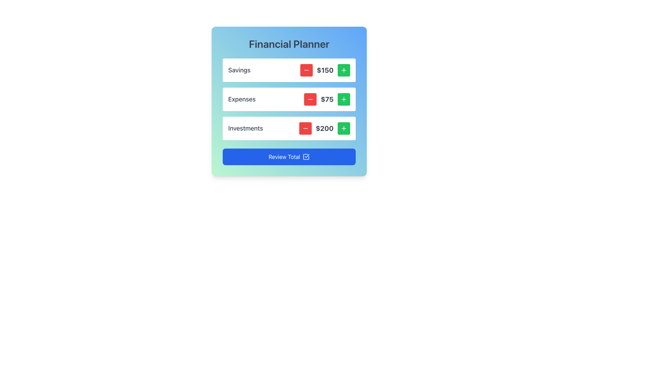 The height and width of the screenshot is (374, 665). I want to click on the text label displaying 'Investments' which is located in the third row of the financial planning card, positioned to the left of the investment amount and aligned with the increment and decrement buttons, so click(246, 128).